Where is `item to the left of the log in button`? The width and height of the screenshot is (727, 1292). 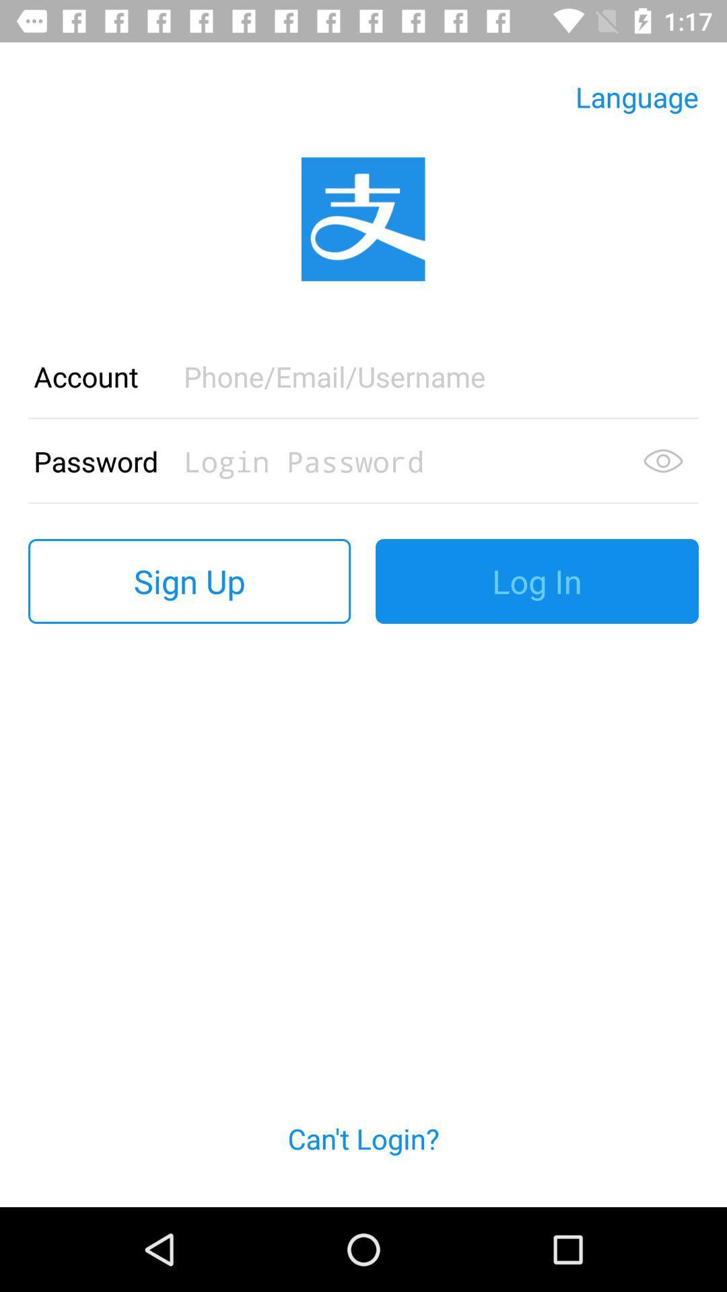 item to the left of the log in button is located at coordinates (189, 581).